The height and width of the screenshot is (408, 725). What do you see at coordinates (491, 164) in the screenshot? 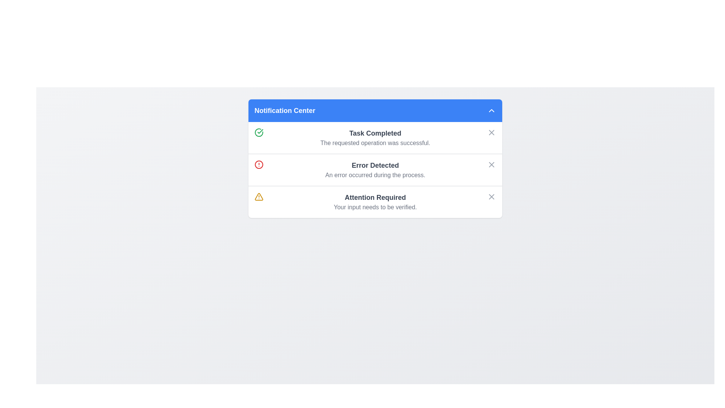
I see `the close button icon represented by a diagonal cross (X) within the notification panel` at bounding box center [491, 164].